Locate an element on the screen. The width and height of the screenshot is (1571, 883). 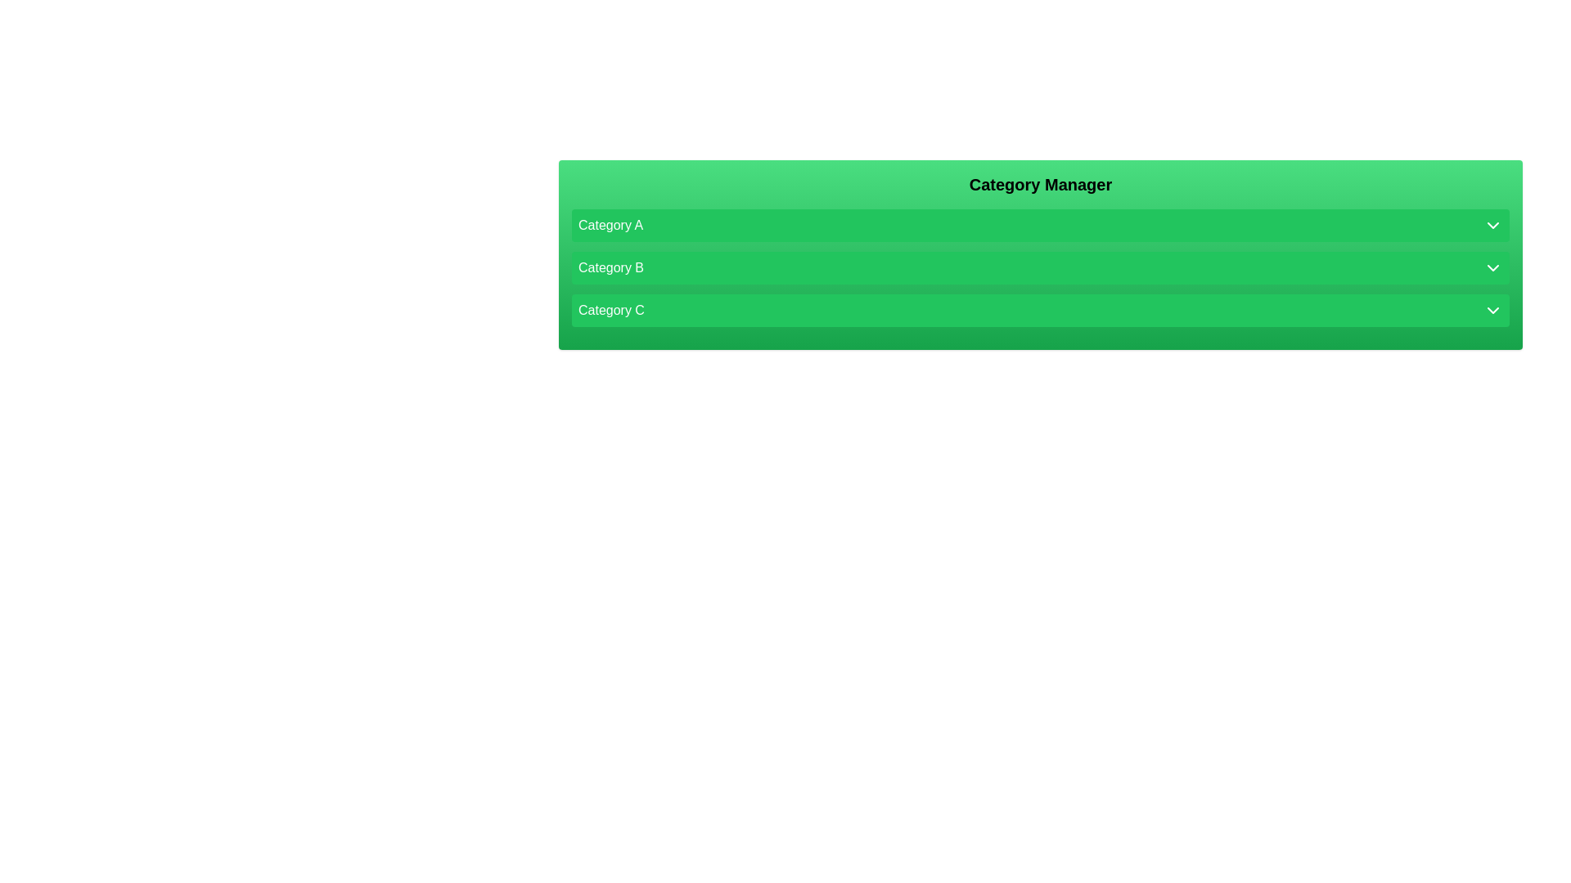
the text of Category A in the list is located at coordinates (1040, 226).